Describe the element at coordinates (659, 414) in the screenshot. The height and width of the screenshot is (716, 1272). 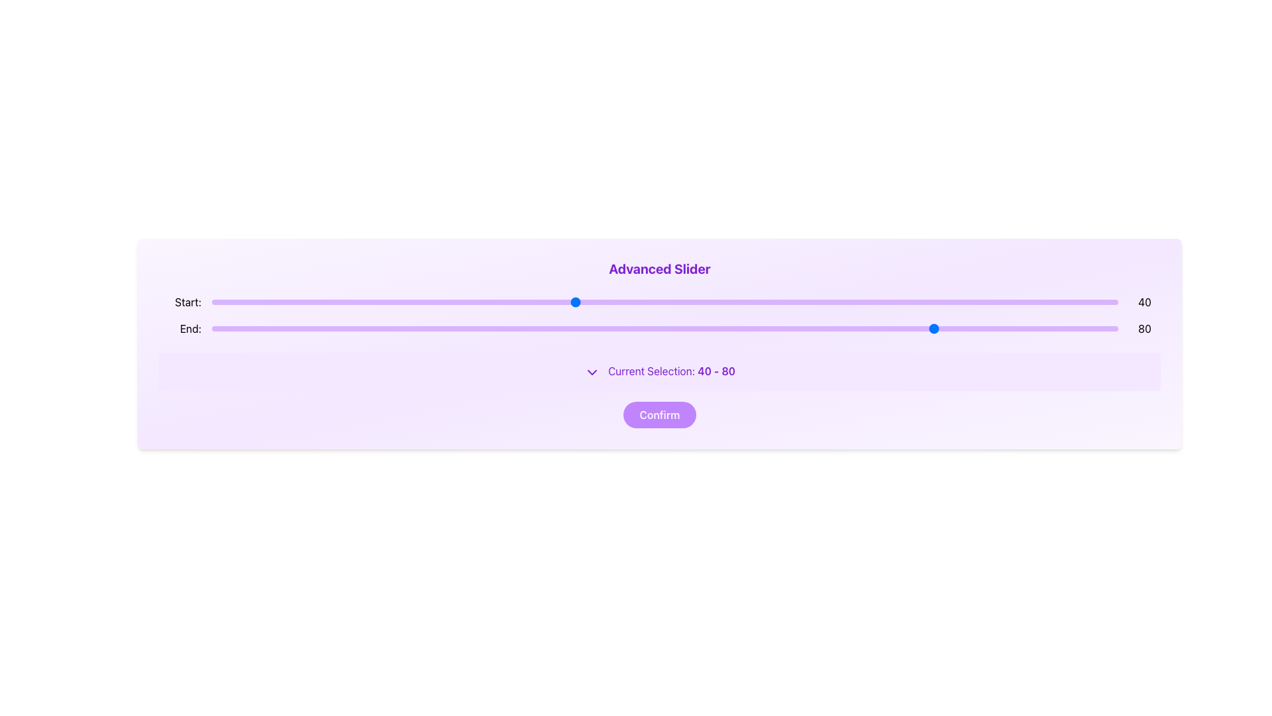
I see `the 'Confirm' button with rounded corners and a purple background` at that location.